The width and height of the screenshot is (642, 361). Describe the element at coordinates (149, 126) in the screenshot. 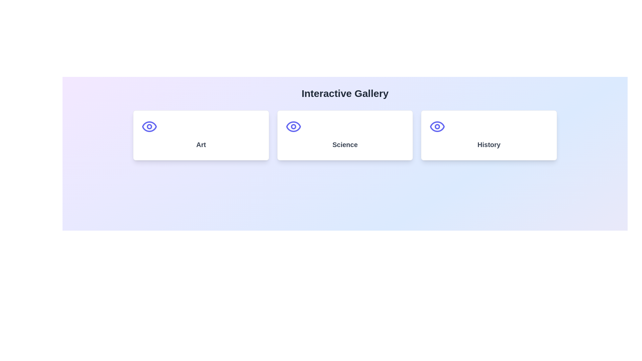

I see `the leftmost component of the eye icon, which is styled in light indigo and located above the 'Art' label in the first card of a horizontal row of three cards` at that location.